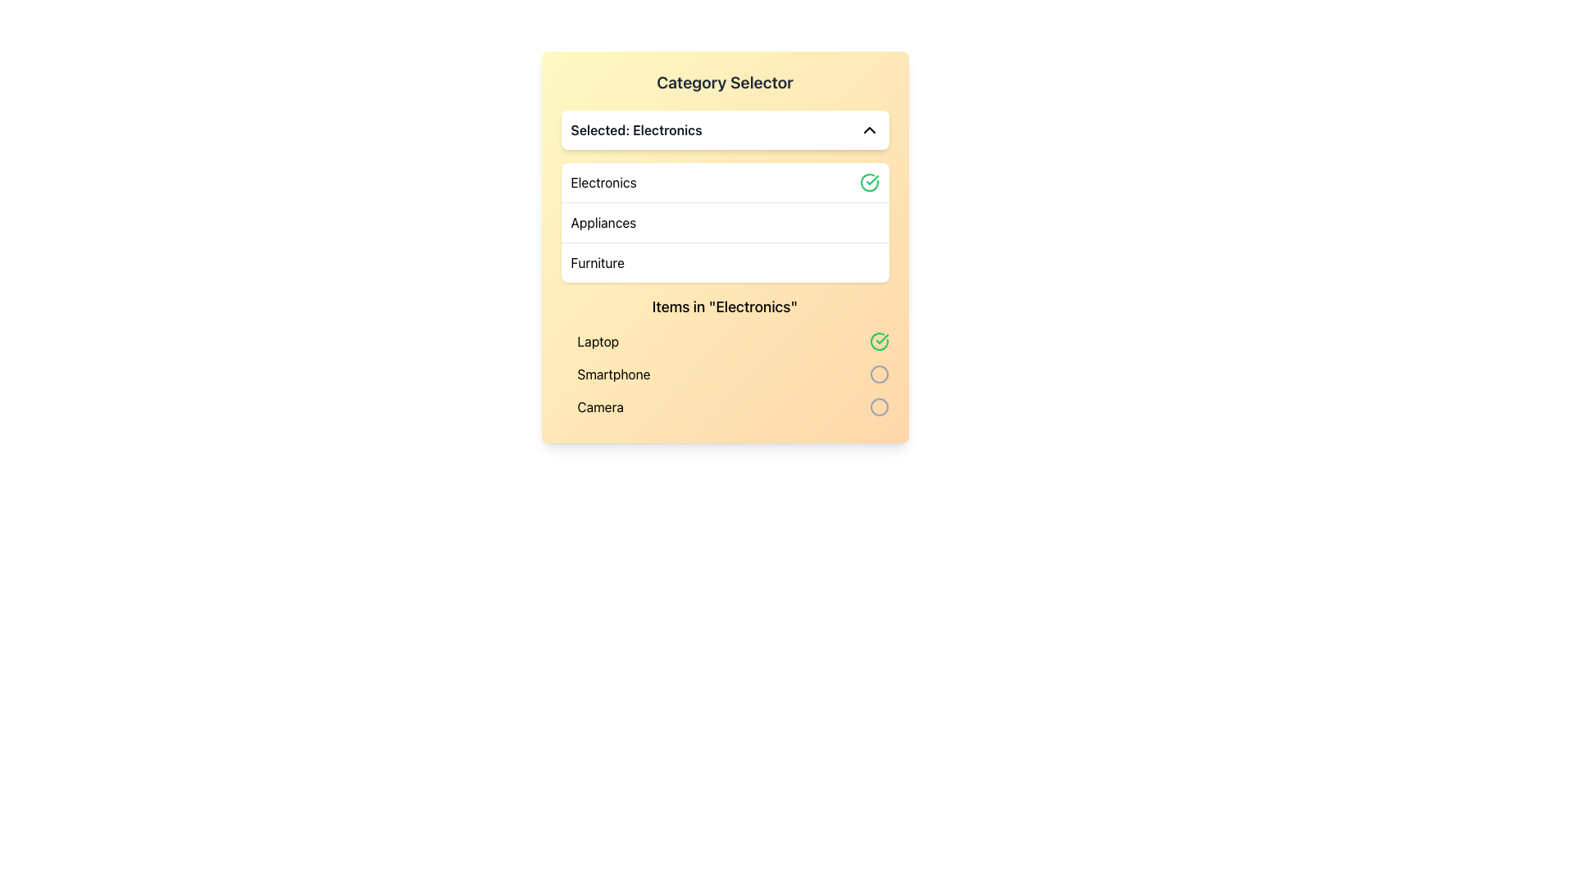 This screenshot has width=1574, height=885. I want to click on the third circular Status Indicator icon, which is gray and positioned next to the 'Camera' text in the 'Electronics' section, so click(878, 406).